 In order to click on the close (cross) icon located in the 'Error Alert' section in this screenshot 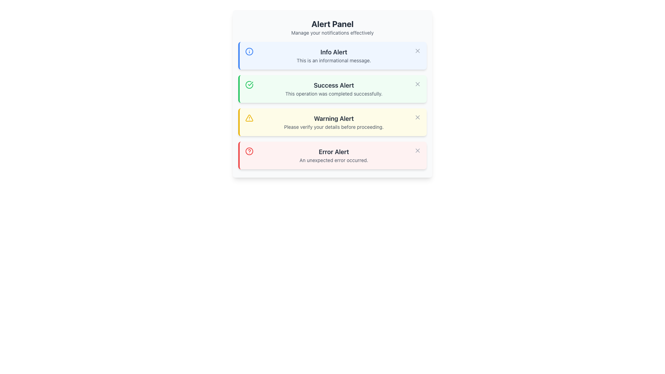, I will do `click(417, 150)`.